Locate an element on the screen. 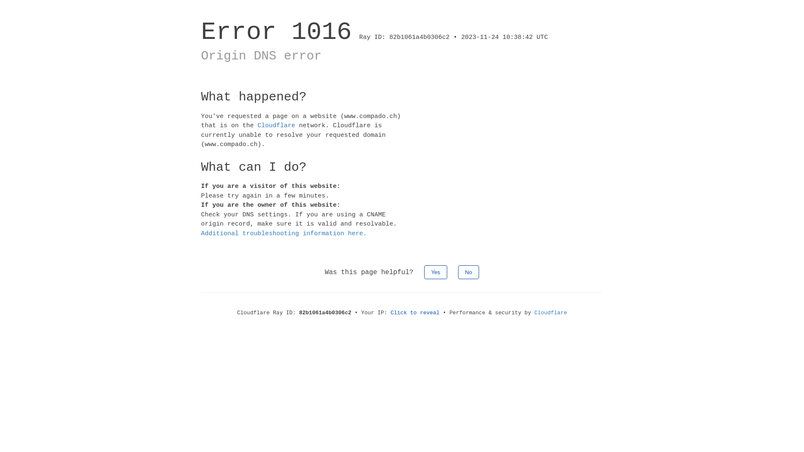  'Additional troubleshooting information here.' is located at coordinates (283, 234).